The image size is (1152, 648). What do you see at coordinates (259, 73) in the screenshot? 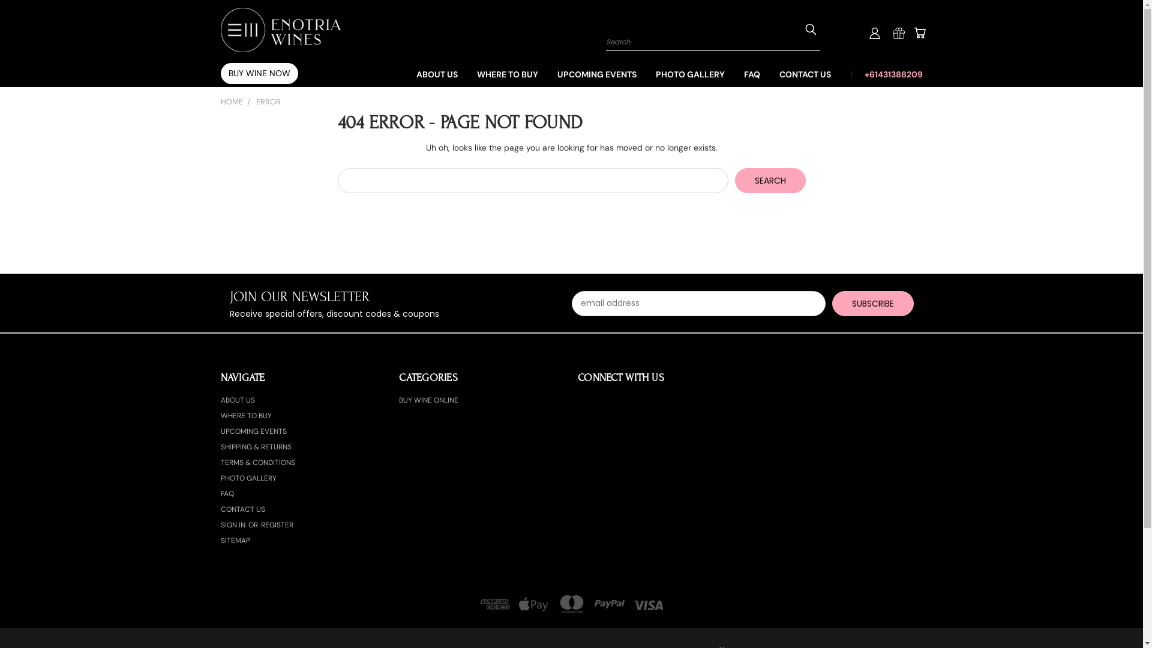
I see `'BUY WINE NOW'` at bounding box center [259, 73].